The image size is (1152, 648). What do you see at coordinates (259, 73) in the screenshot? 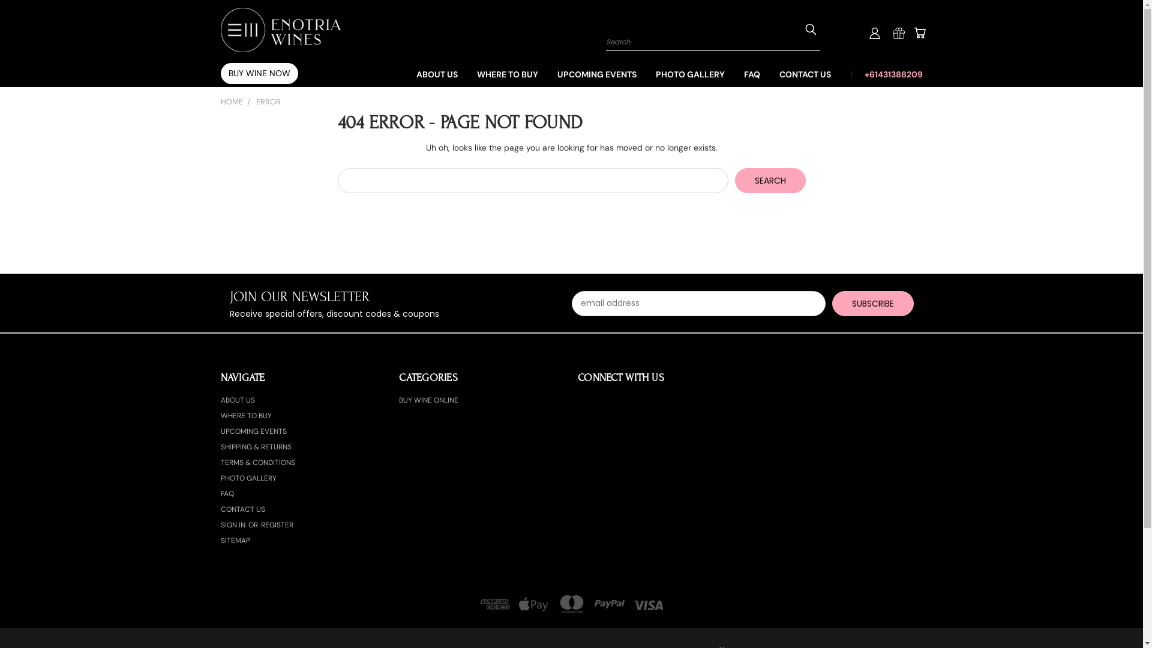
I see `'BUY WINE NOW'` at bounding box center [259, 73].